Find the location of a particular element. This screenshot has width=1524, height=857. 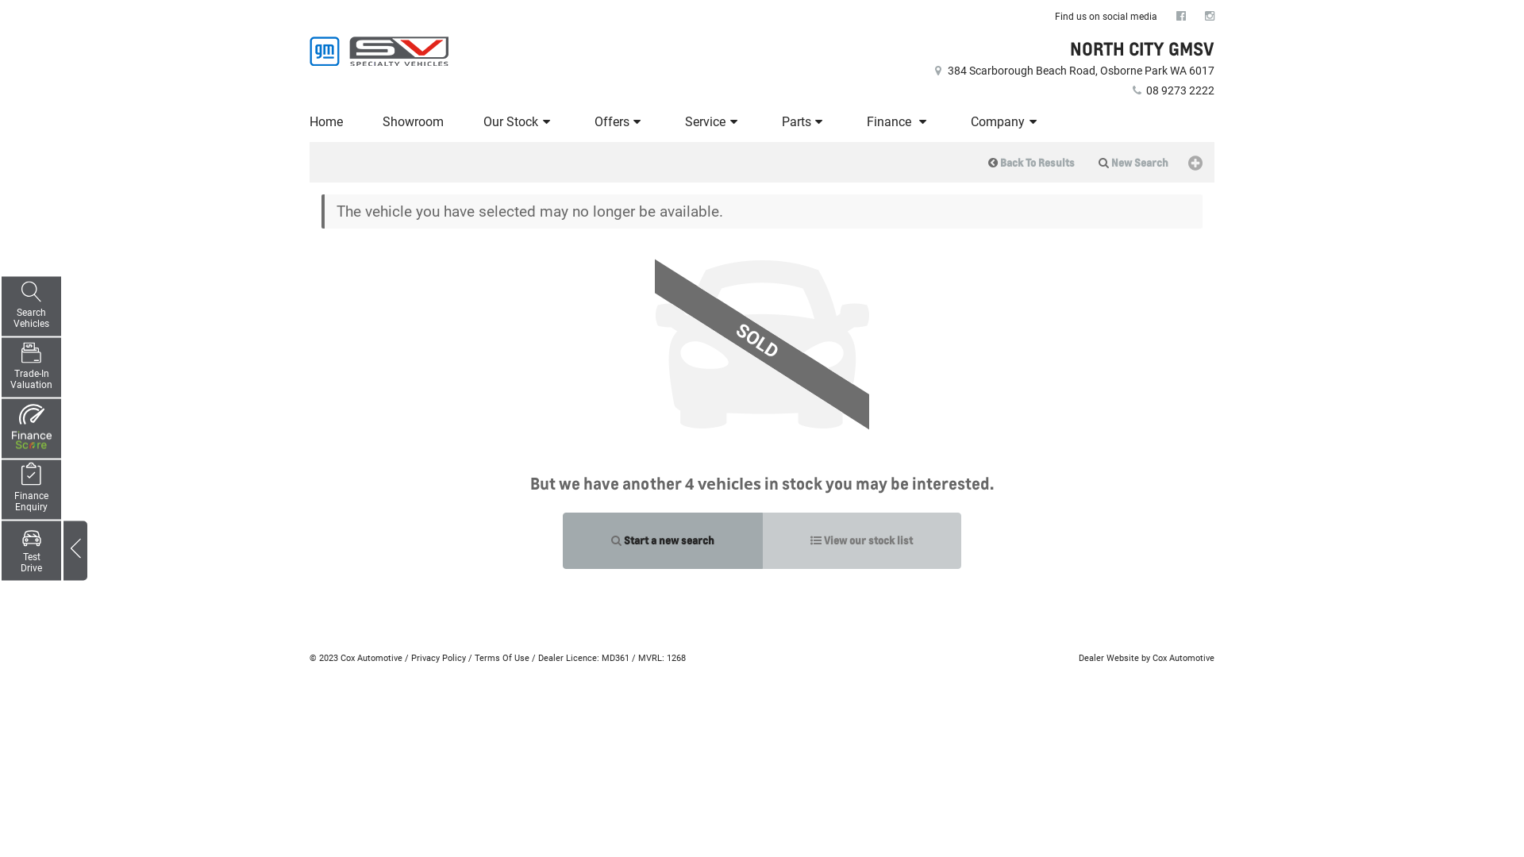

'New Search' is located at coordinates (1133, 162).